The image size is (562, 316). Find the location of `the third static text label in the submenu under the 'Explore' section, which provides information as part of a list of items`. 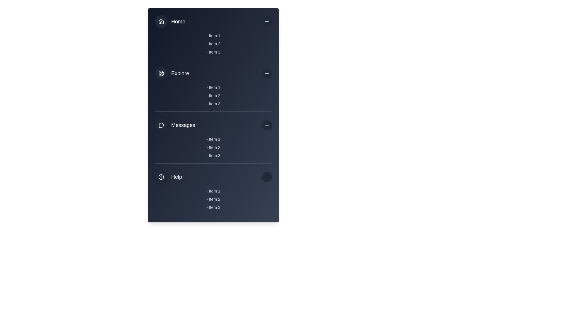

the third static text label in the submenu under the 'Explore' section, which provides information as part of a list of items is located at coordinates (213, 103).